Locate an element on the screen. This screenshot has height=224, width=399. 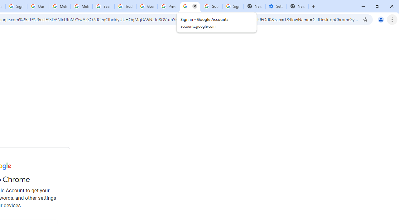
'Trusted Information and Content - Google Safety Center' is located at coordinates (125, 6).